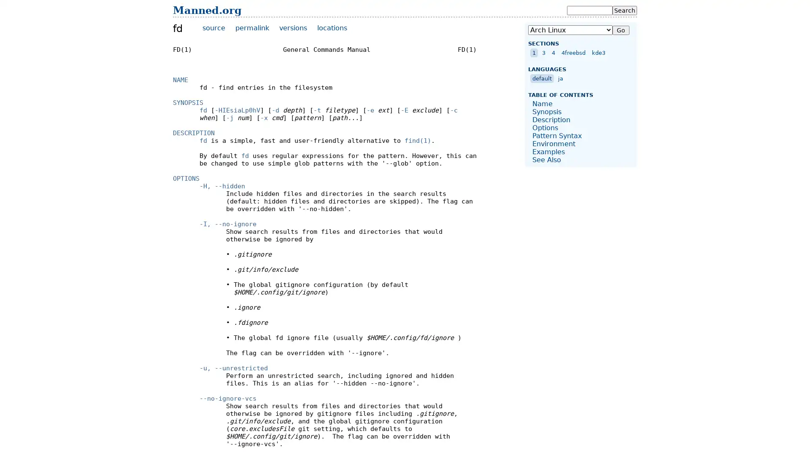  What do you see at coordinates (625, 10) in the screenshot?
I see `Search` at bounding box center [625, 10].